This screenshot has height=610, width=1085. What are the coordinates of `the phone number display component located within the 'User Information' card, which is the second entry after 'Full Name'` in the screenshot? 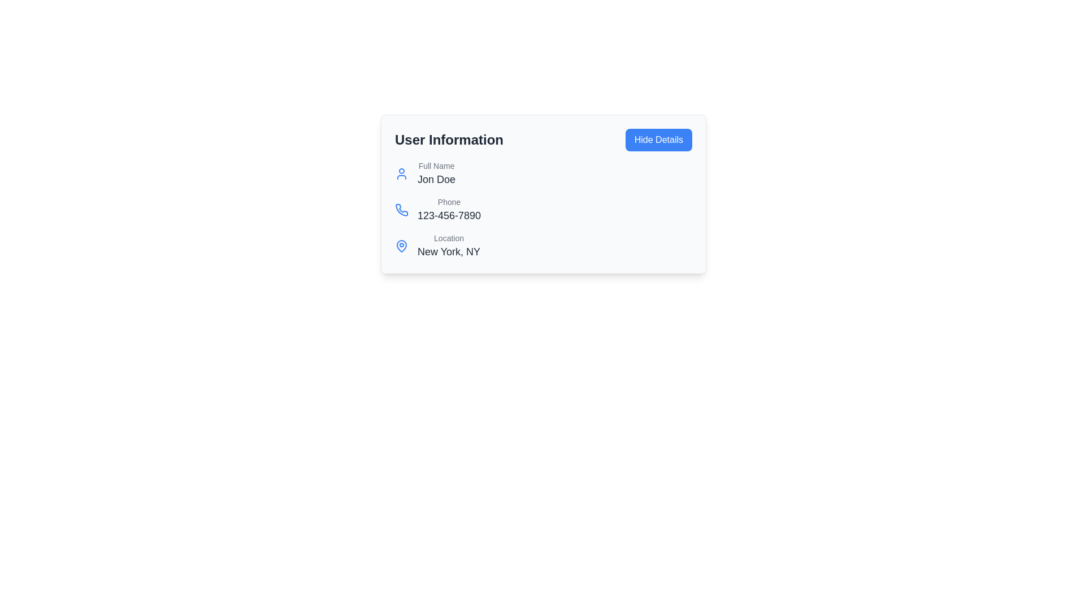 It's located at (543, 210).